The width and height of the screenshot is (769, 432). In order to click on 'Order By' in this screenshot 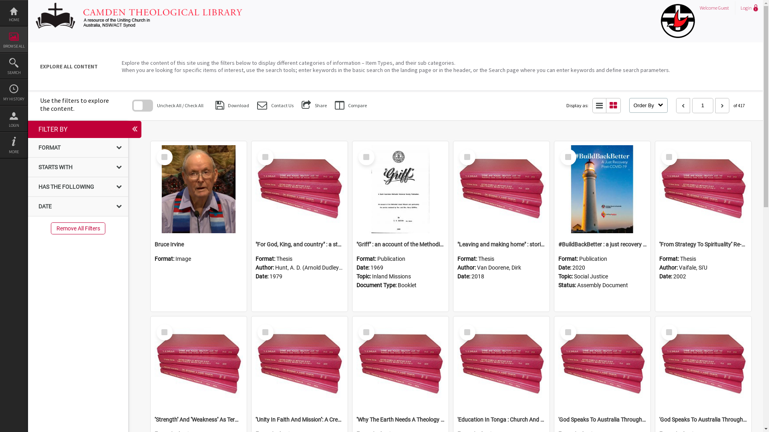, I will do `click(648, 105)`.